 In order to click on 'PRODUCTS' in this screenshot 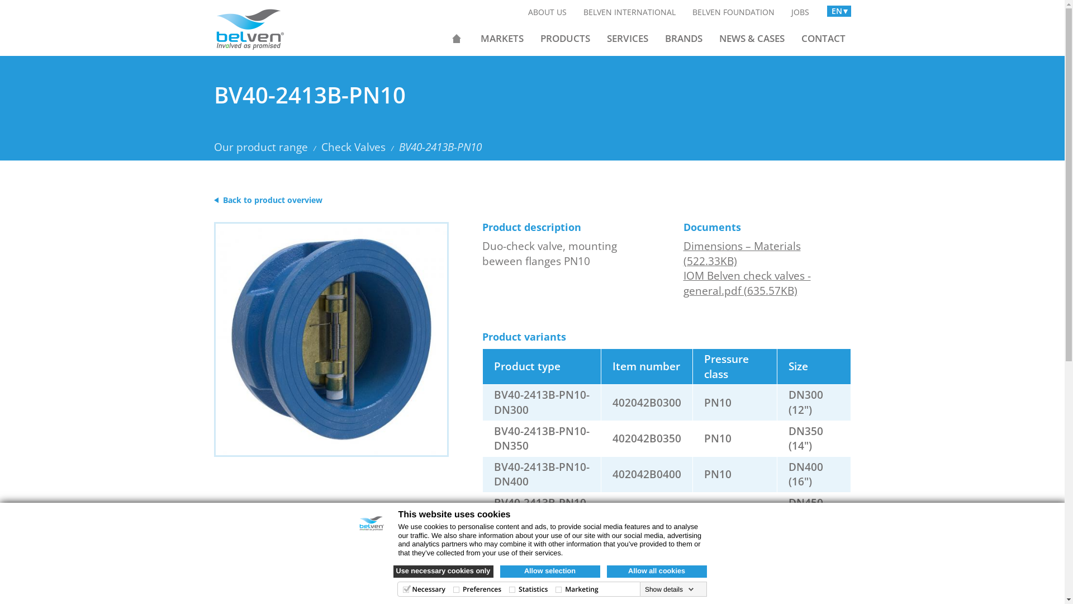, I will do `click(564, 37)`.